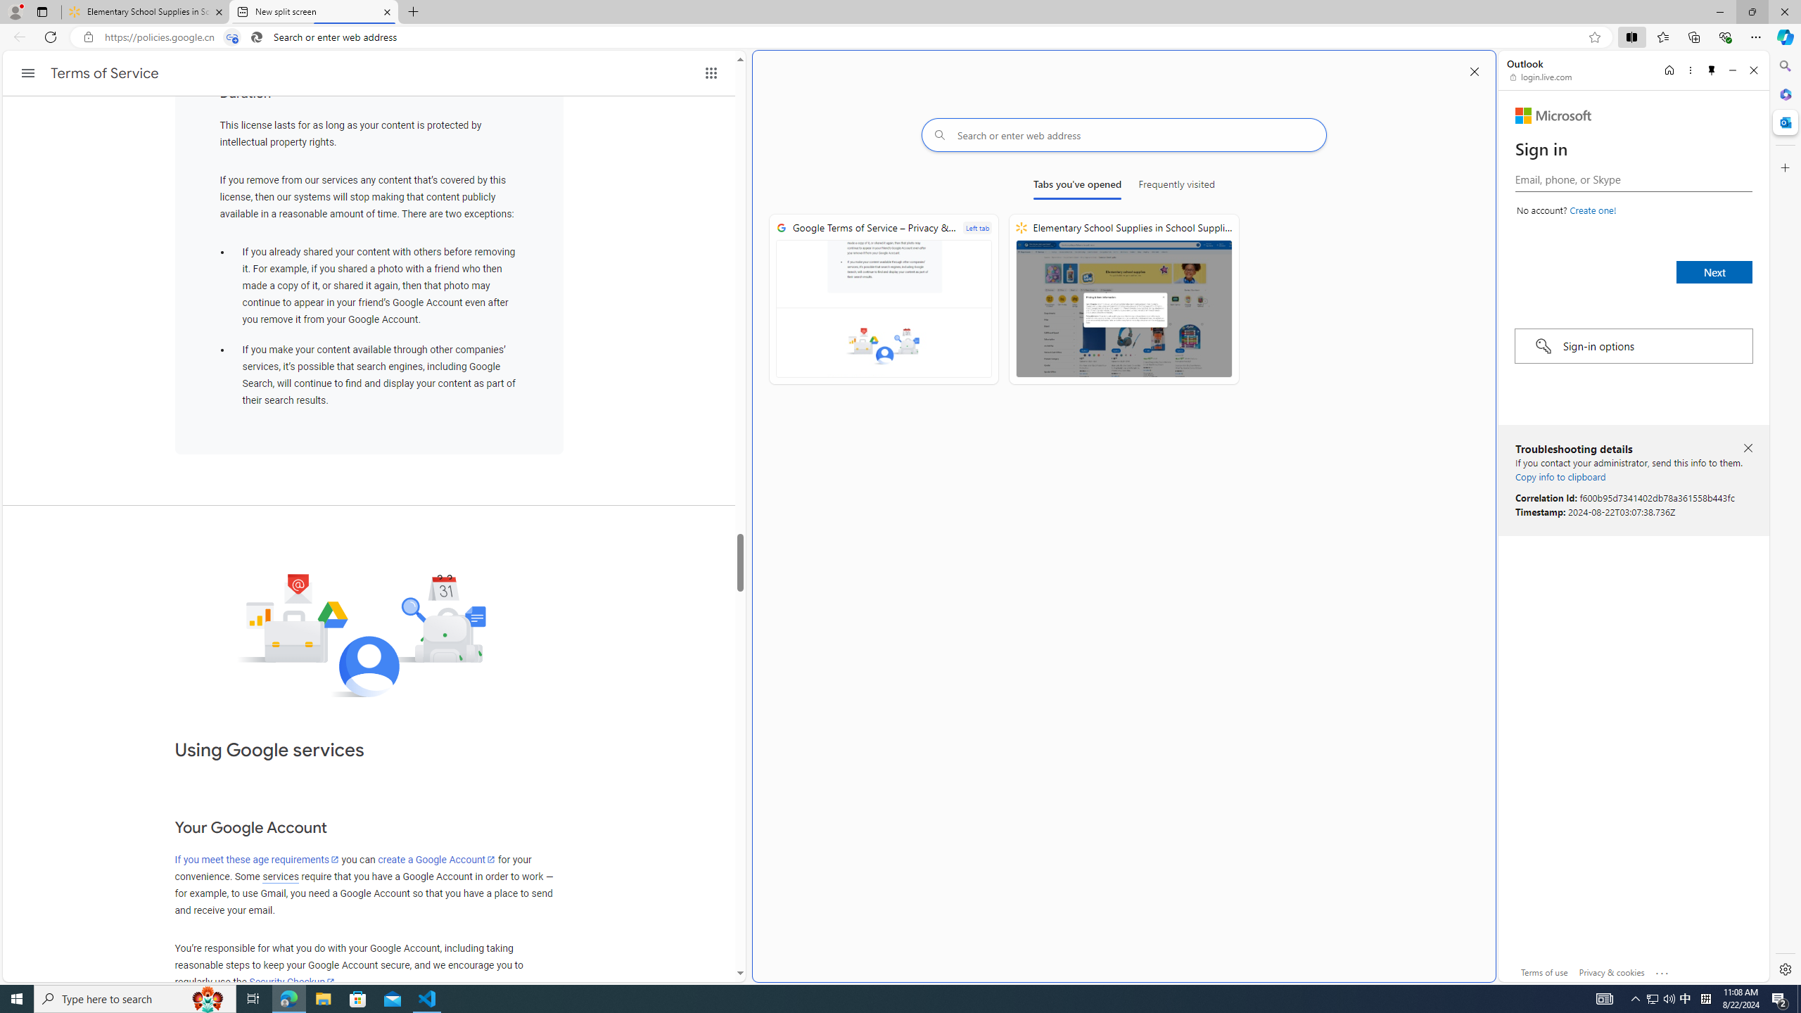  What do you see at coordinates (1752, 11) in the screenshot?
I see `'Restore'` at bounding box center [1752, 11].